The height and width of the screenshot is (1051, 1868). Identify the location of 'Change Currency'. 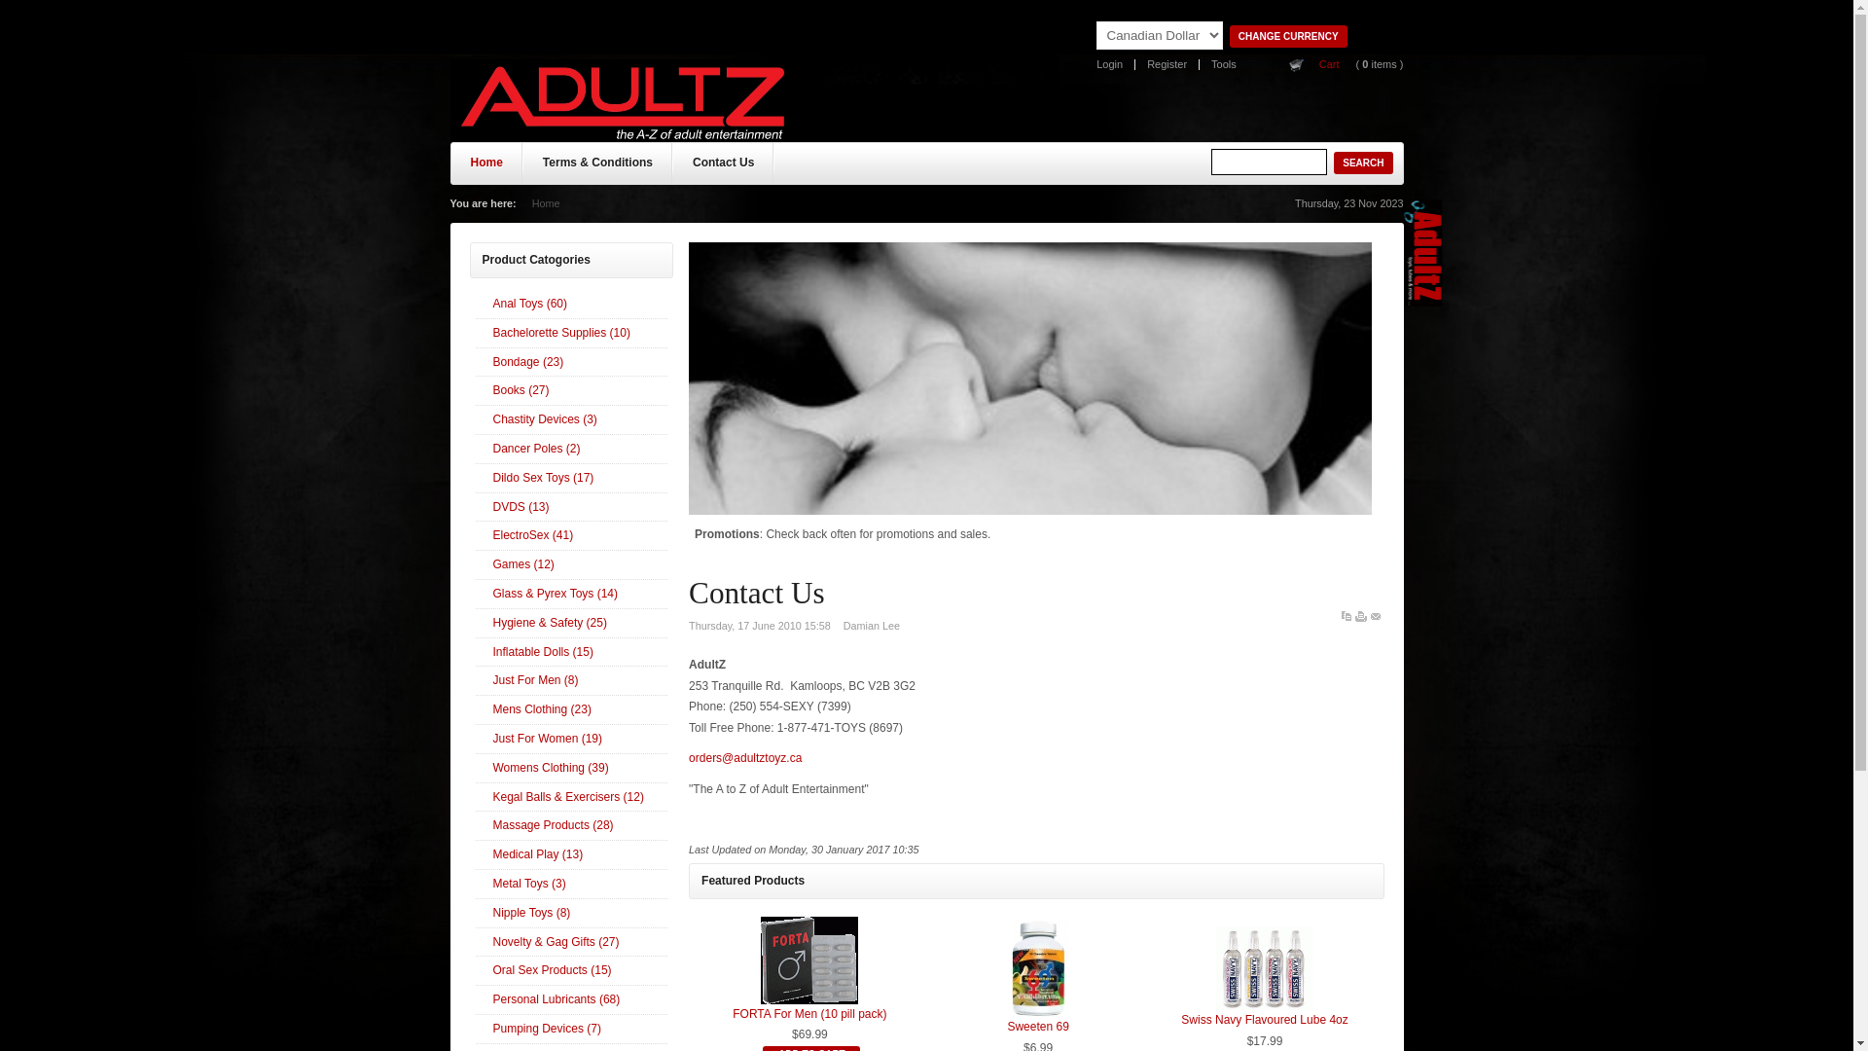
(1288, 36).